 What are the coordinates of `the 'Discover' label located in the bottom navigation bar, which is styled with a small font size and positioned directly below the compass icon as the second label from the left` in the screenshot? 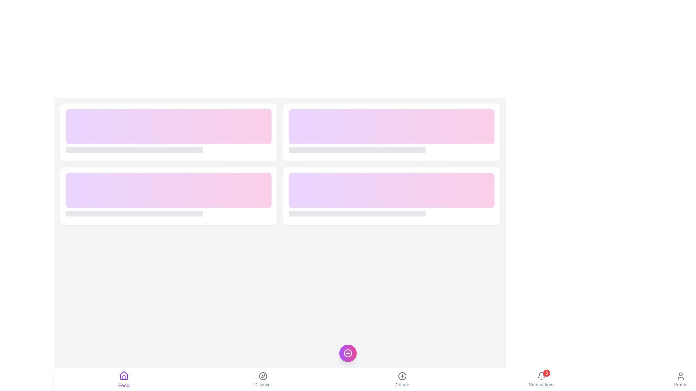 It's located at (262, 384).